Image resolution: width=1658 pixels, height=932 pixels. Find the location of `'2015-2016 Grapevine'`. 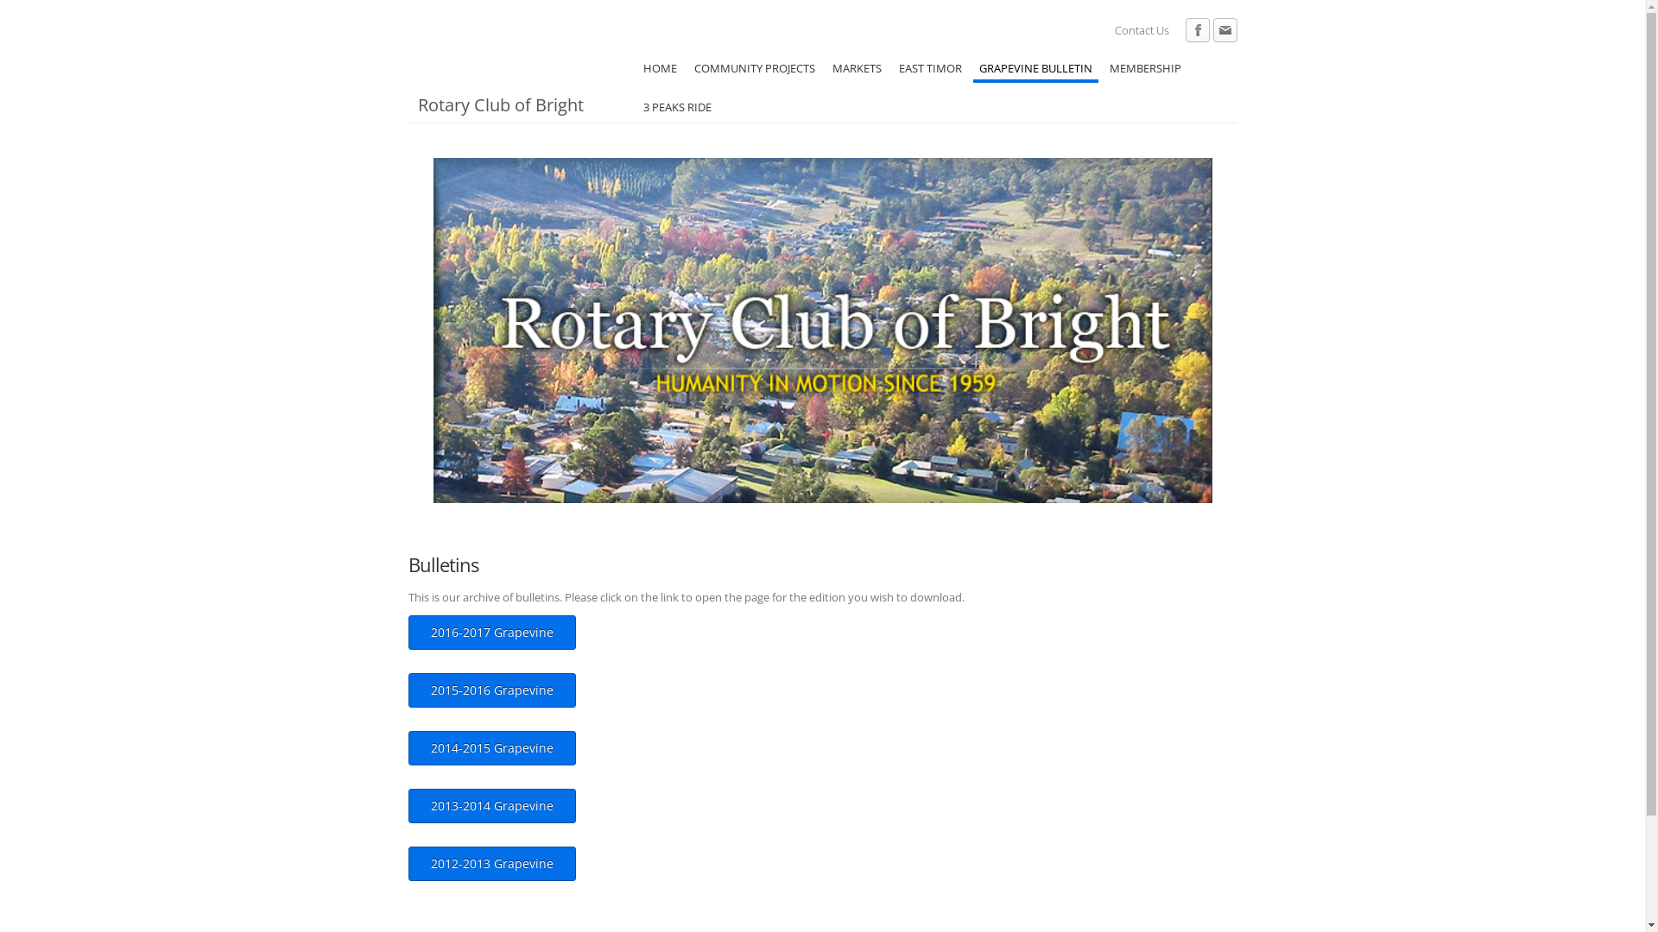

'2015-2016 Grapevine' is located at coordinates (490, 689).